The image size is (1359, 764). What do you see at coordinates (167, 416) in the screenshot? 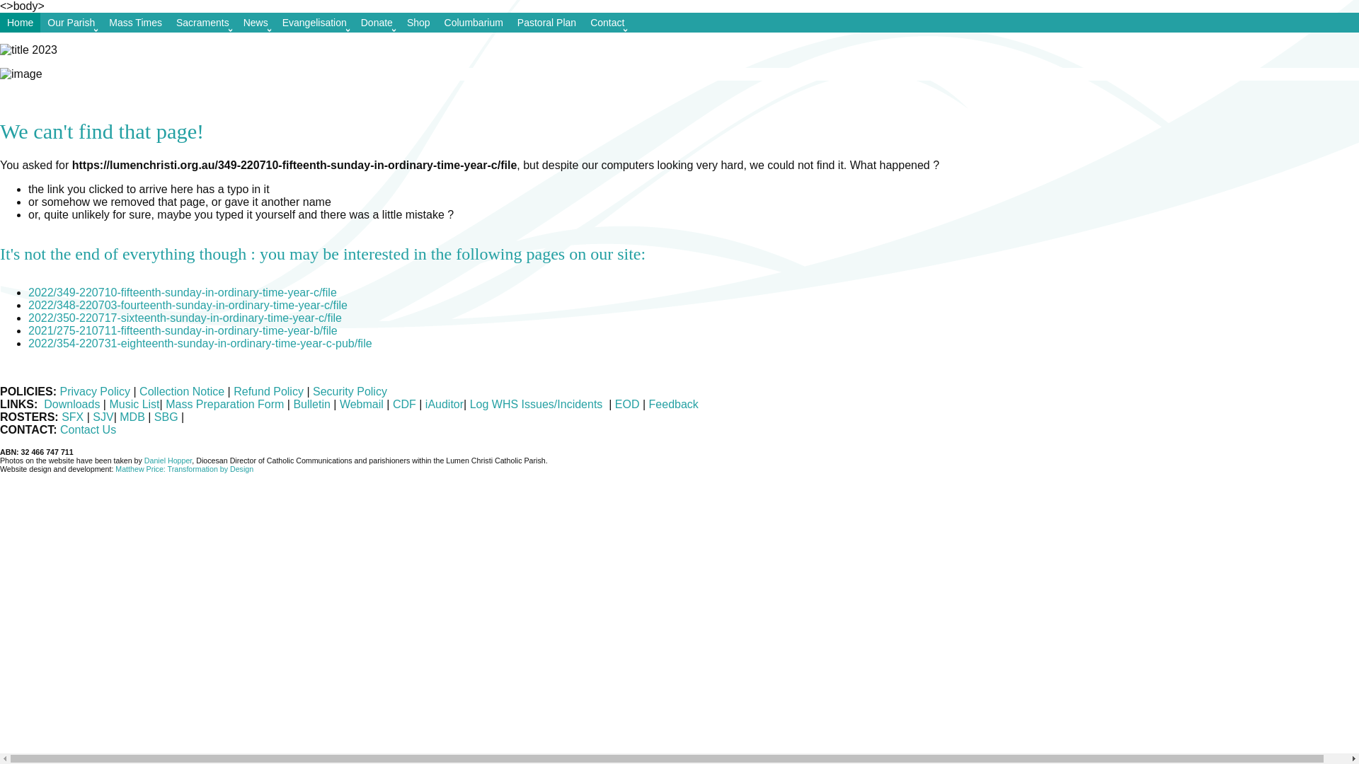
I see `'SBG '` at bounding box center [167, 416].